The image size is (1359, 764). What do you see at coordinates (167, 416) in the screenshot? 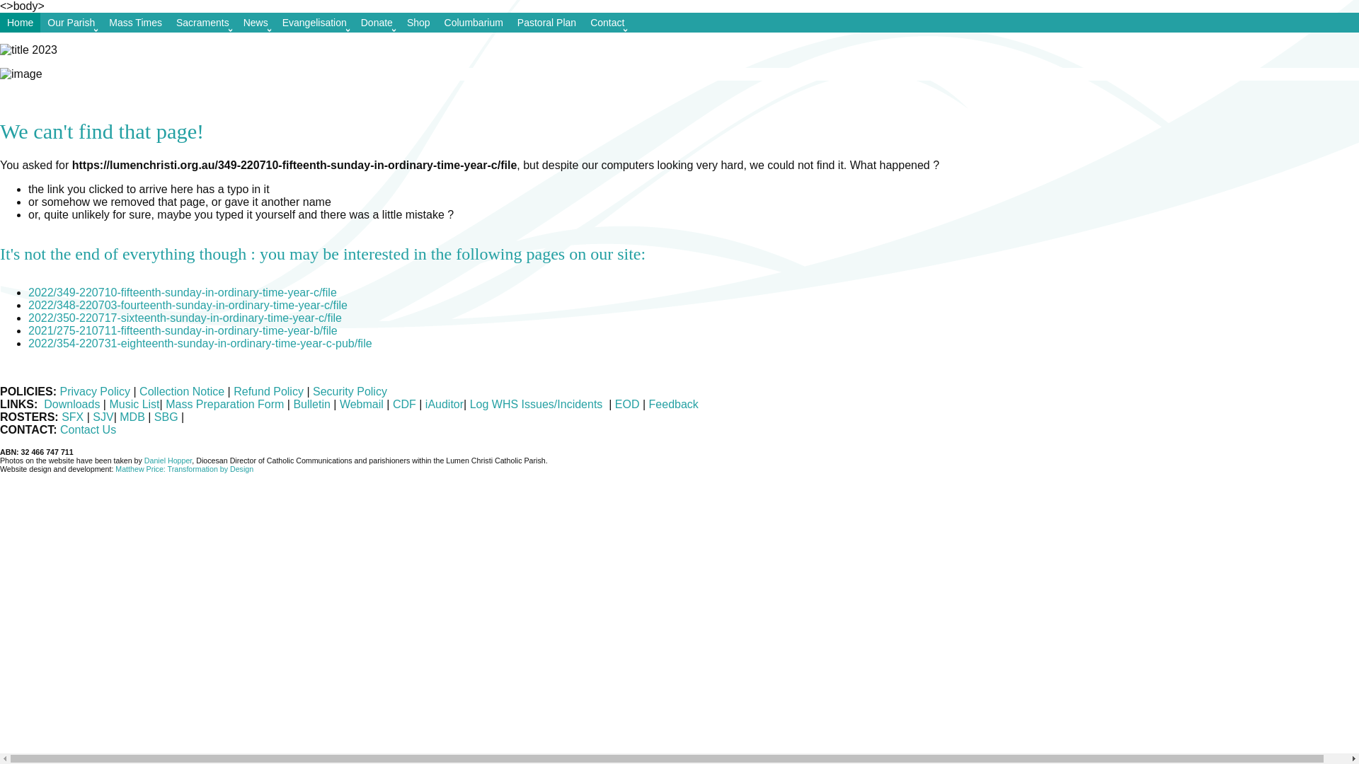
I see `'SBG '` at bounding box center [167, 416].